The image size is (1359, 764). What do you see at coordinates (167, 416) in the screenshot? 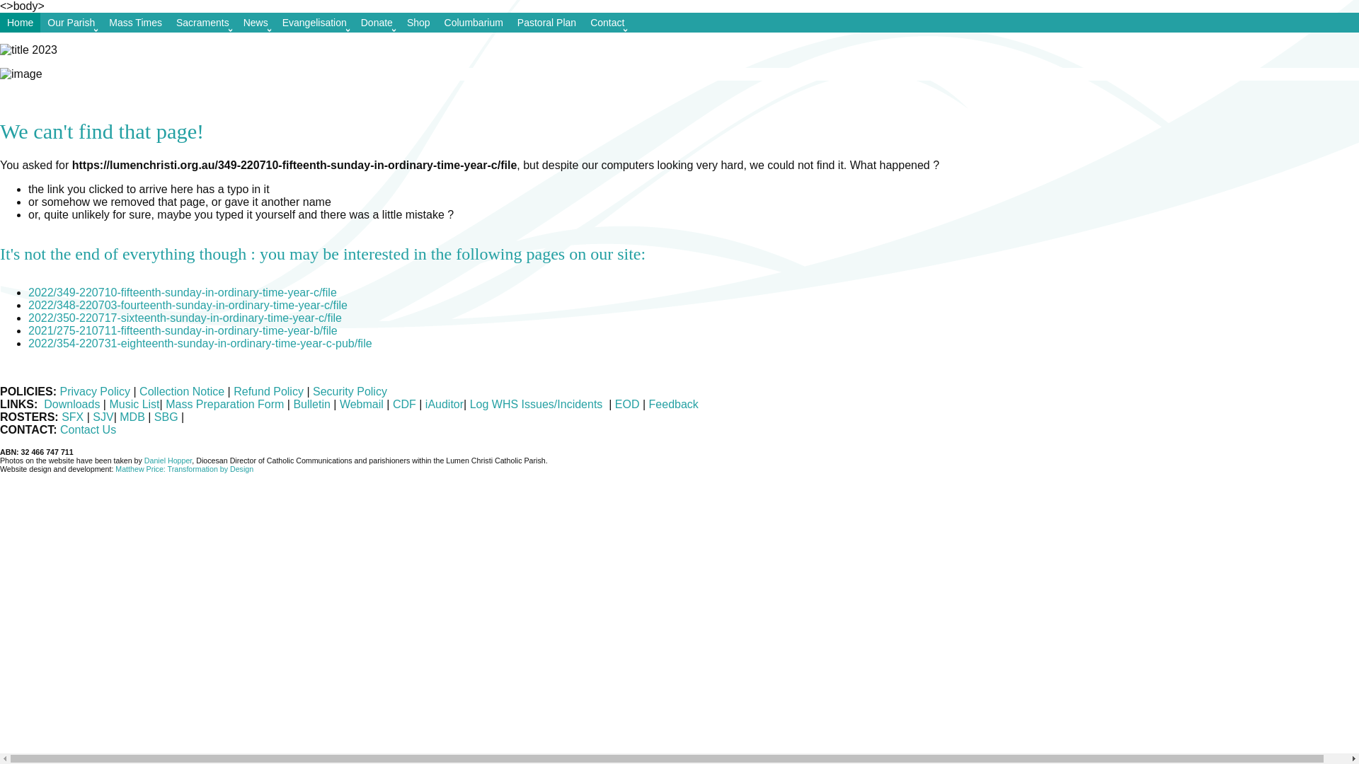
I see `'SBG '` at bounding box center [167, 416].